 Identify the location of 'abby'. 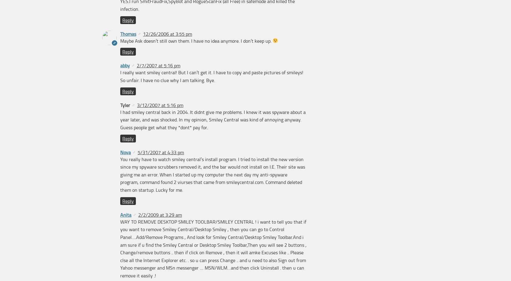
(124, 66).